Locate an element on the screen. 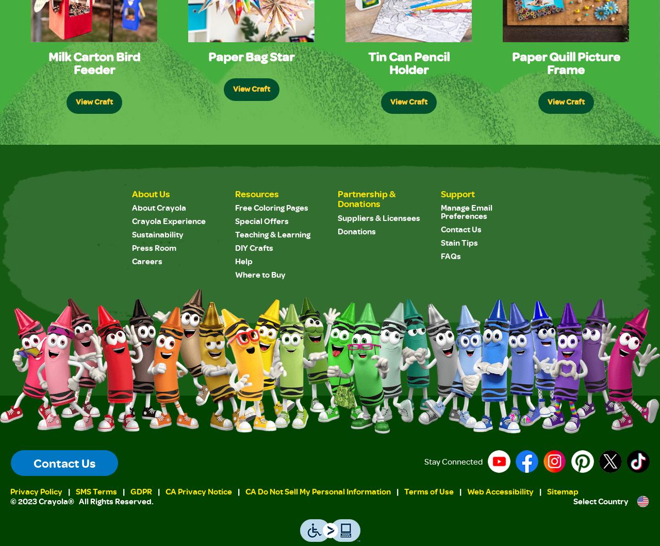 This screenshot has width=660, height=546. 'Manage Email Preferences' is located at coordinates (466, 211).